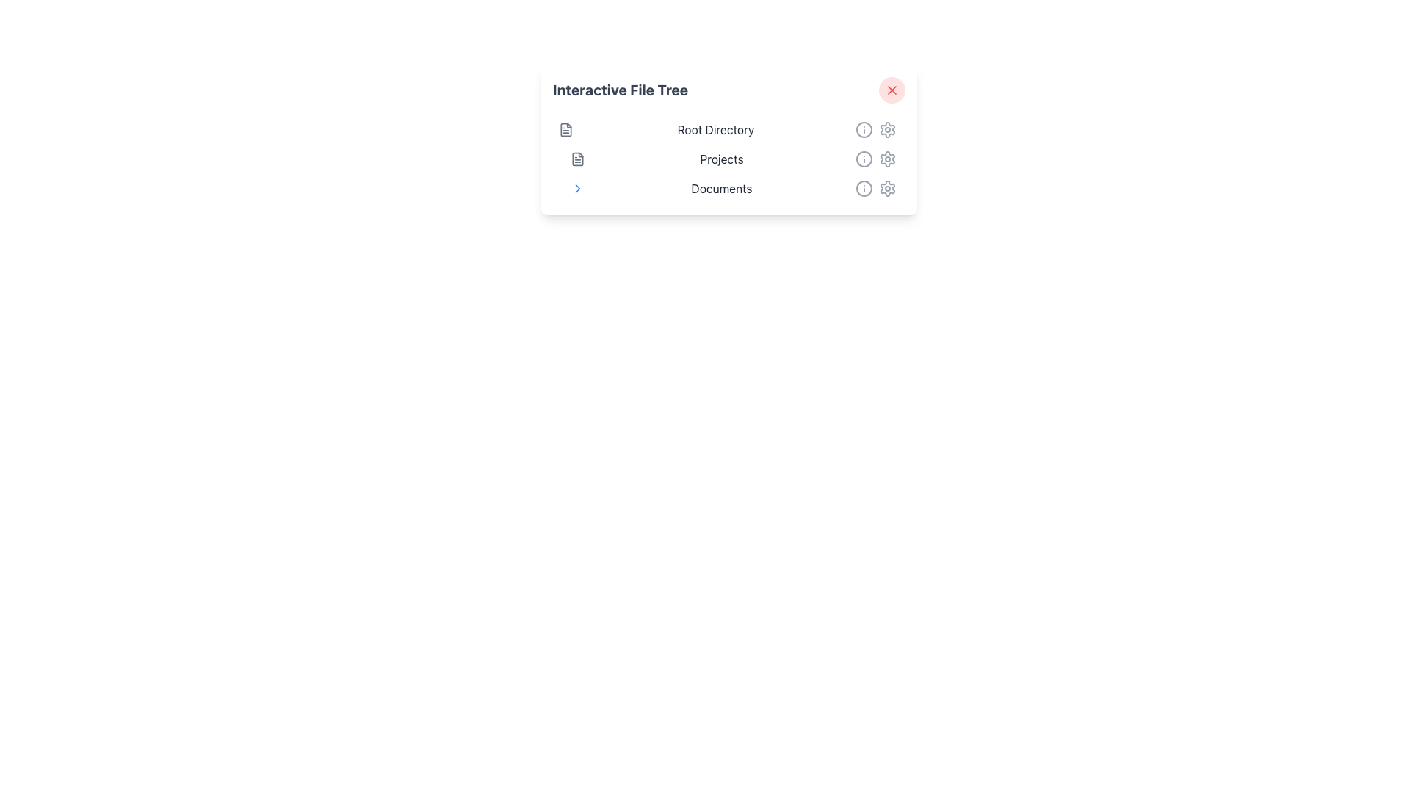  Describe the element at coordinates (729, 159) in the screenshot. I see `the second item` at that location.